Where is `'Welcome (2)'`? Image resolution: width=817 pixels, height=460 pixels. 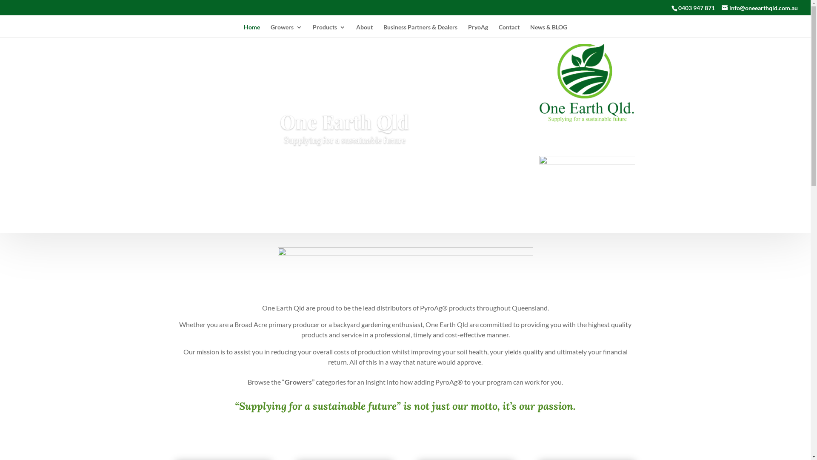 'Welcome (2)' is located at coordinates (404, 269).